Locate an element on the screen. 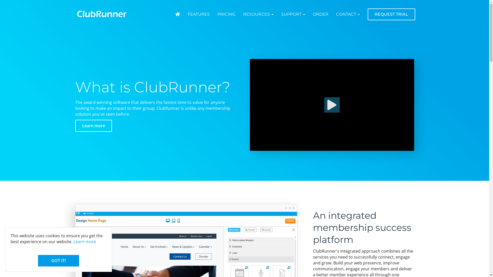 The height and width of the screenshot is (277, 493). 'REQUEST TRIAL' is located at coordinates (391, 14).